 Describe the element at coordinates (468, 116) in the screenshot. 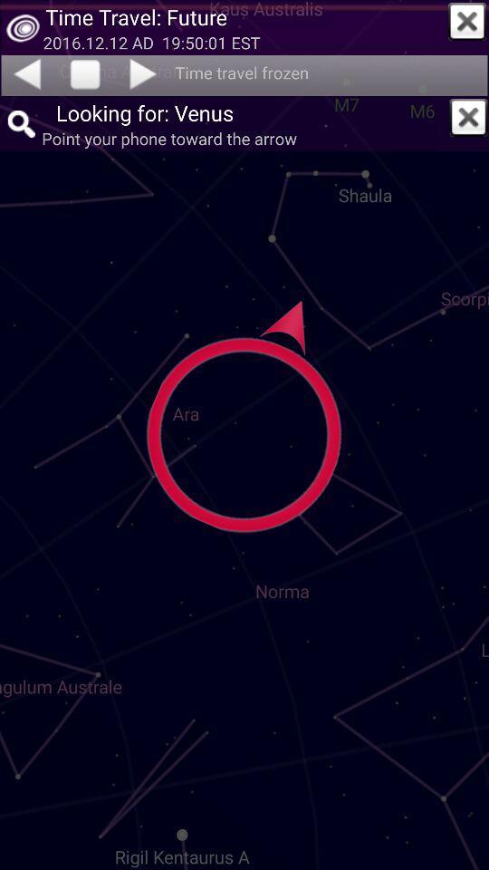

I see `window` at that location.